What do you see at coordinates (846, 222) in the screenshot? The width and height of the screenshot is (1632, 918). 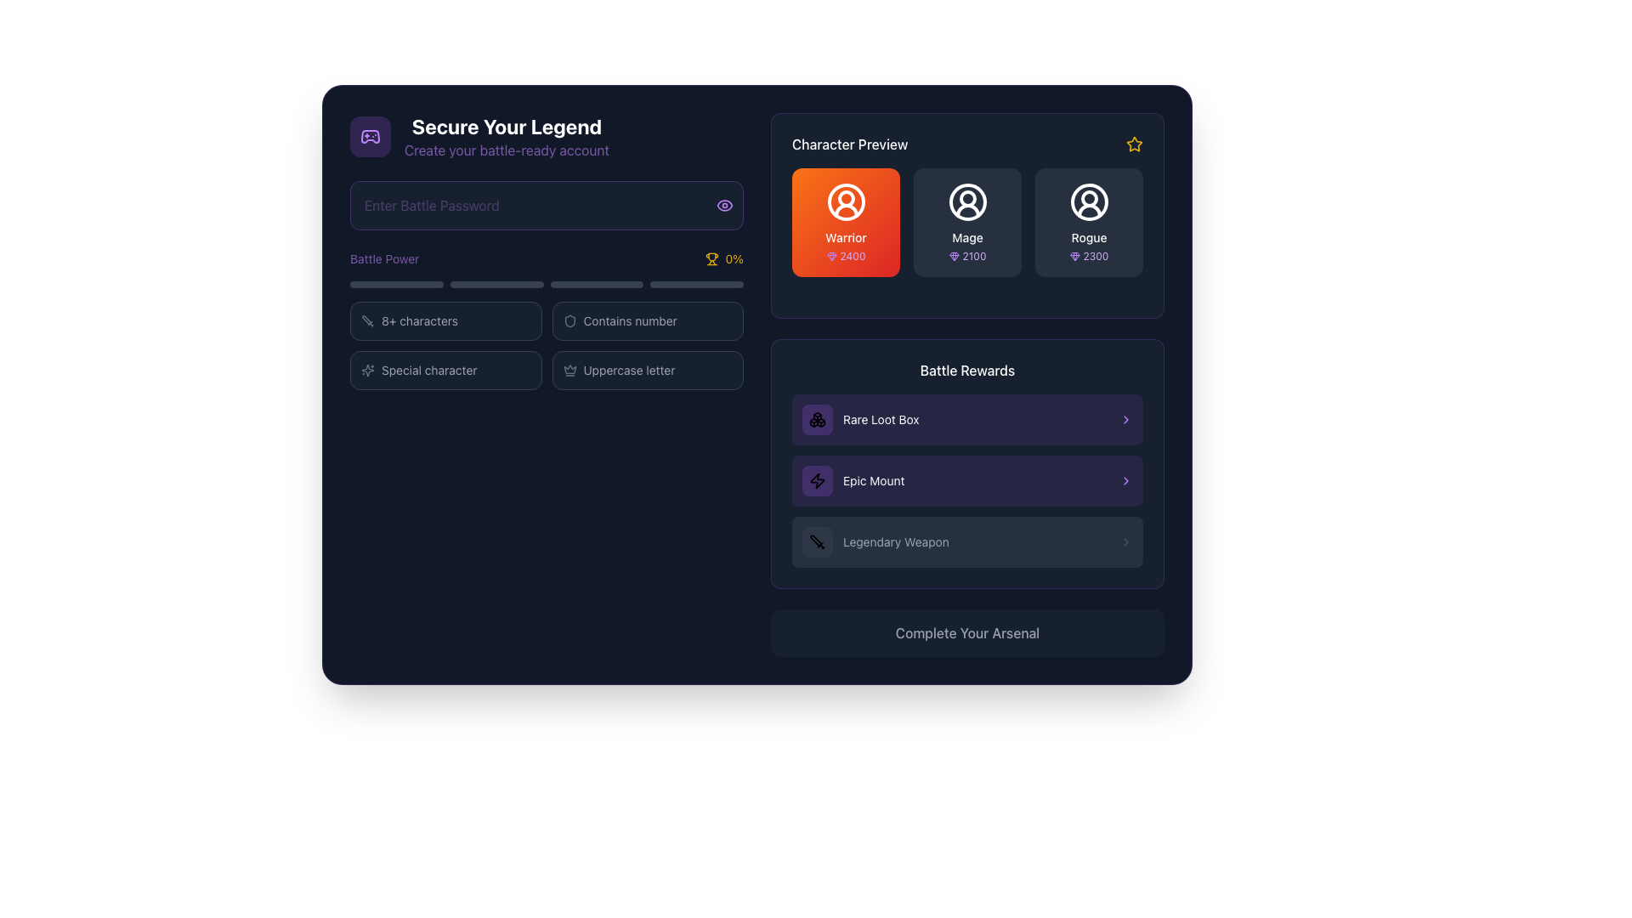 I see `the 'Warrior' button, which is a rectangular card with a gradient background, displaying a user icon at the top and the text '2400' with a gem icon below it, located` at bounding box center [846, 222].